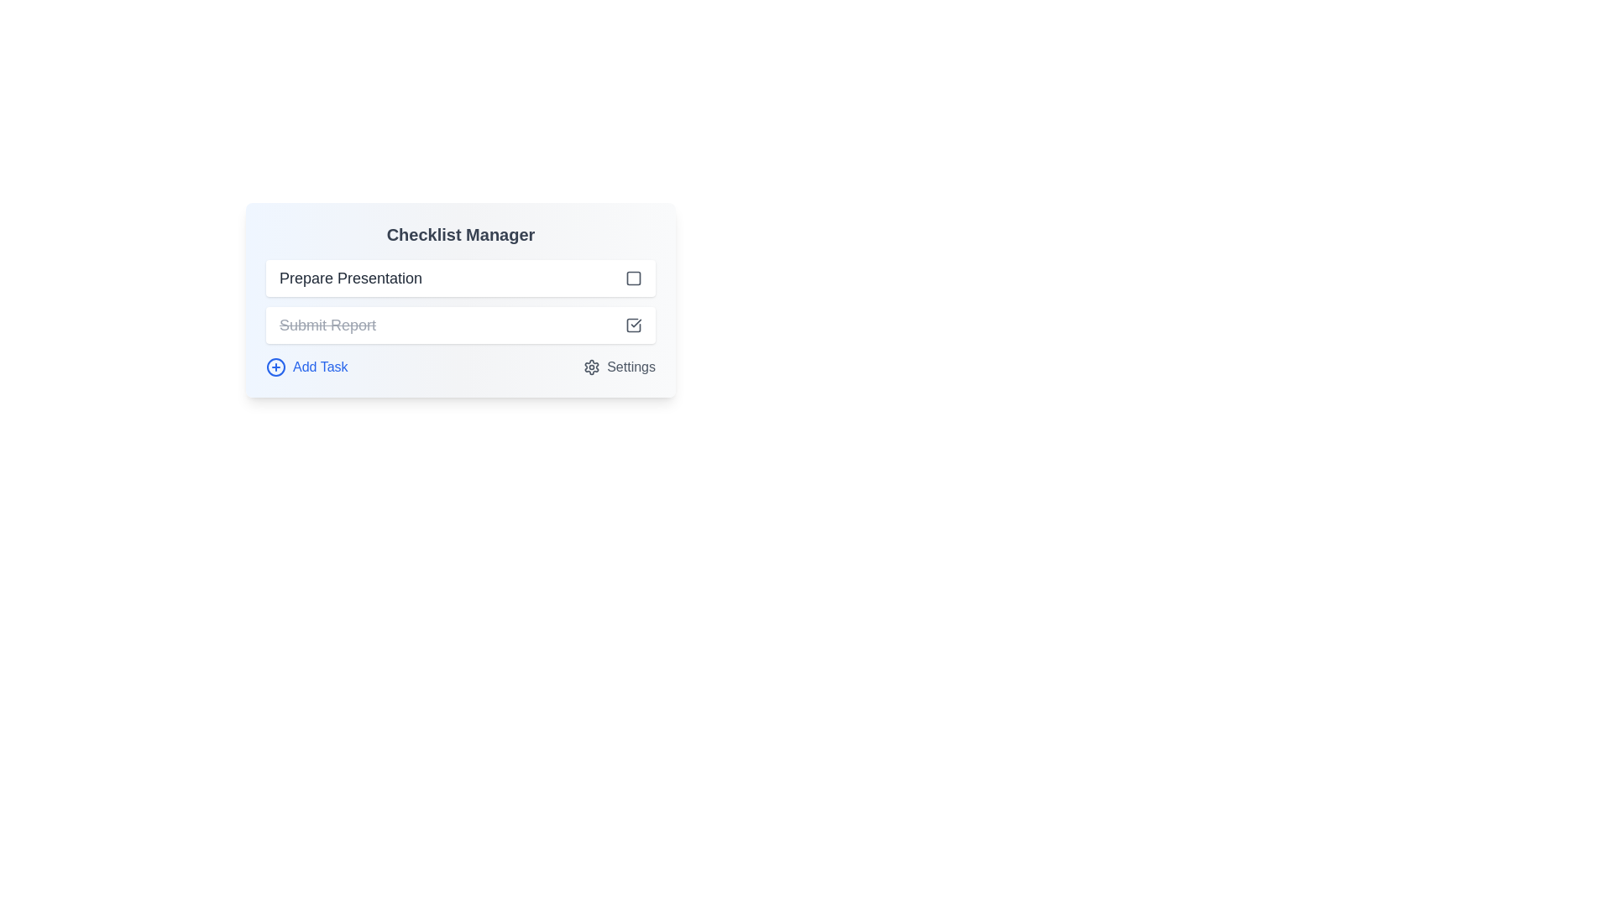 The image size is (1612, 906). I want to click on the vector-based decorative graphic positioned towards the lower right of the Checklist Manager component, adjacent to the 'Submit Report' checkbox, so click(632, 325).